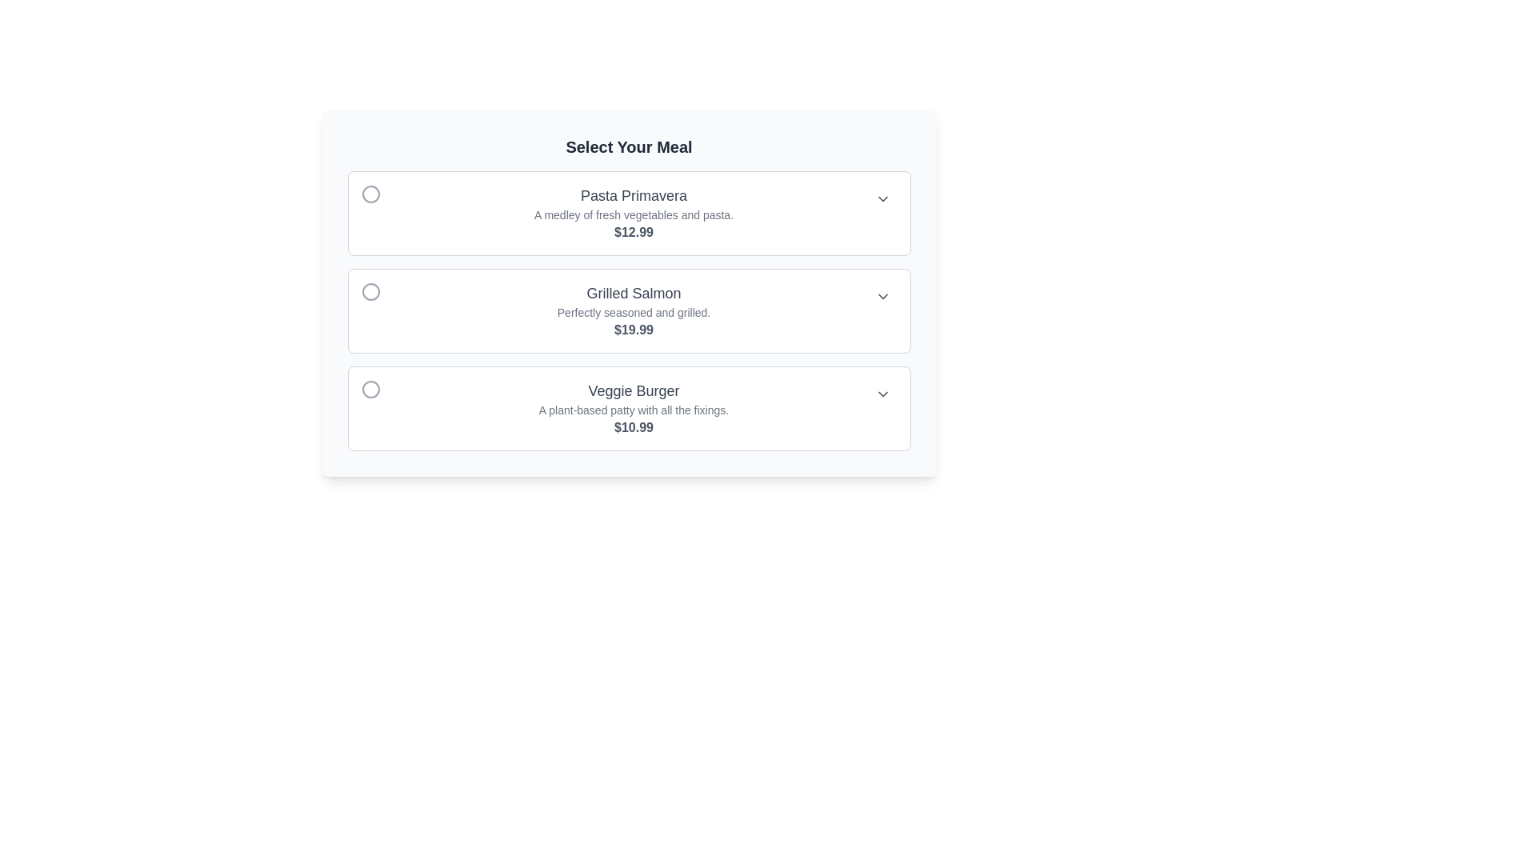 This screenshot has width=1536, height=864. I want to click on the static text display showing the price '$10.99' which is part of the 'Veggie Burger' menu item, so click(633, 427).